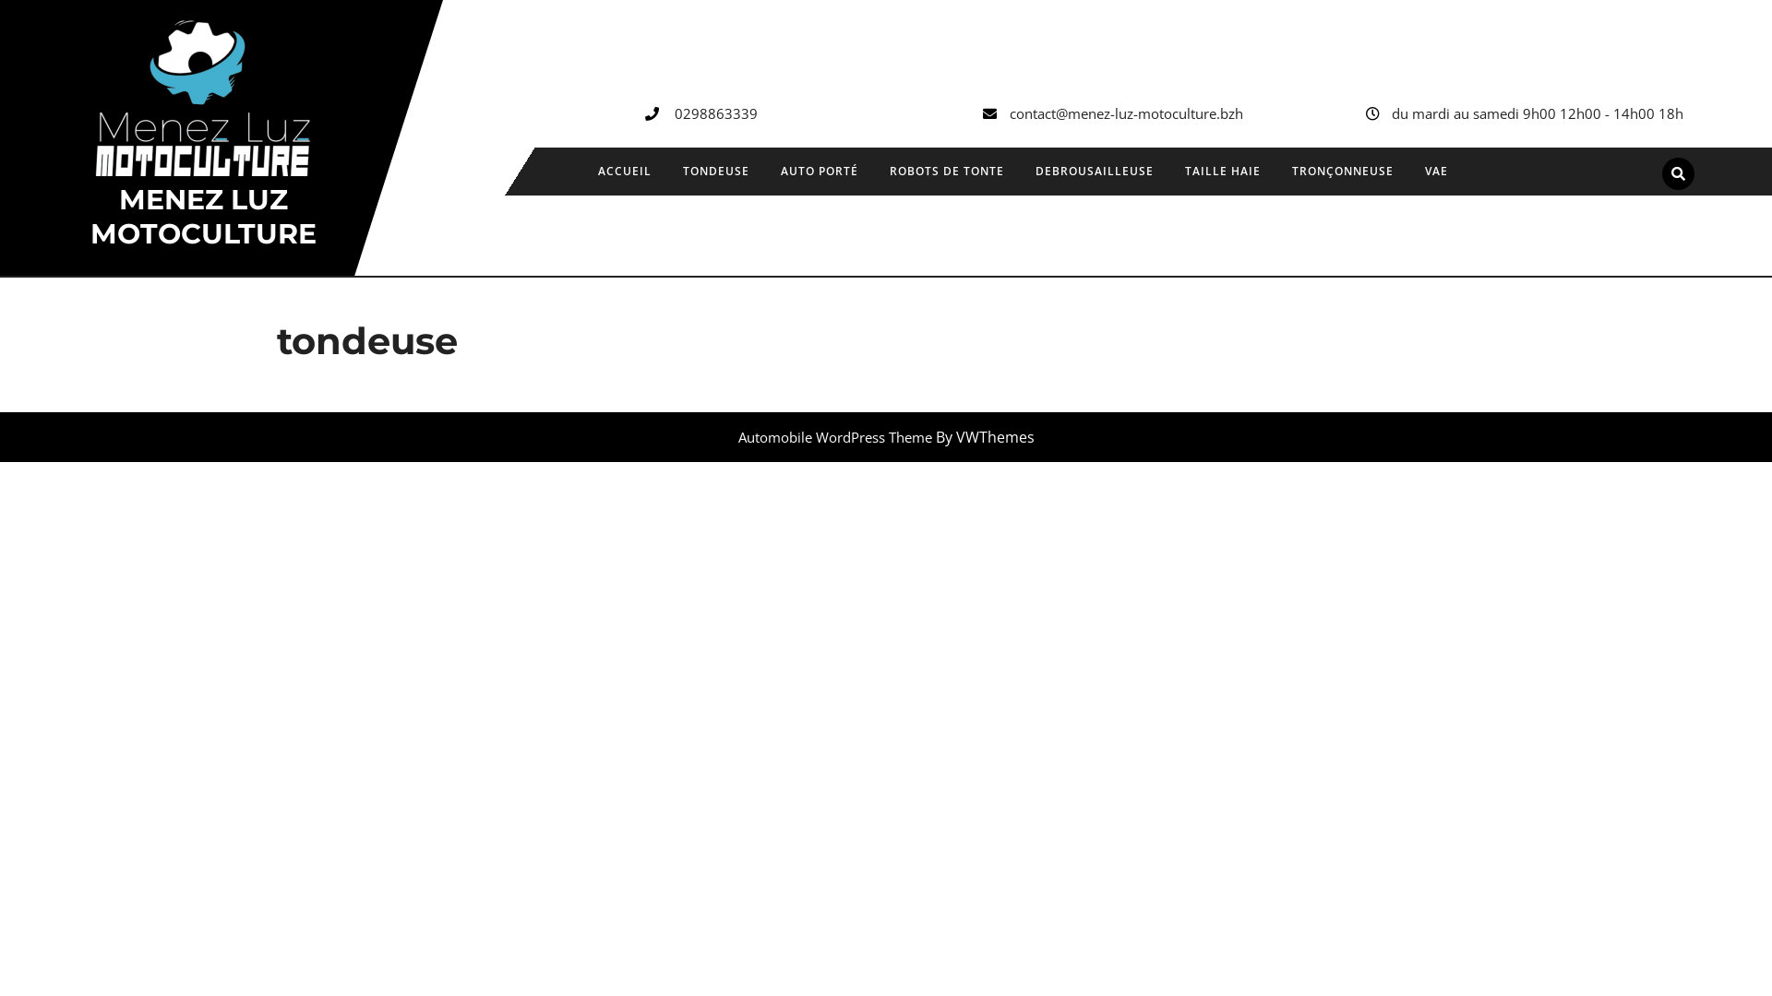 Image resolution: width=1772 pixels, height=996 pixels. What do you see at coordinates (1125, 113) in the screenshot?
I see `'contact@menez-luz-motoculture.bzh'` at bounding box center [1125, 113].